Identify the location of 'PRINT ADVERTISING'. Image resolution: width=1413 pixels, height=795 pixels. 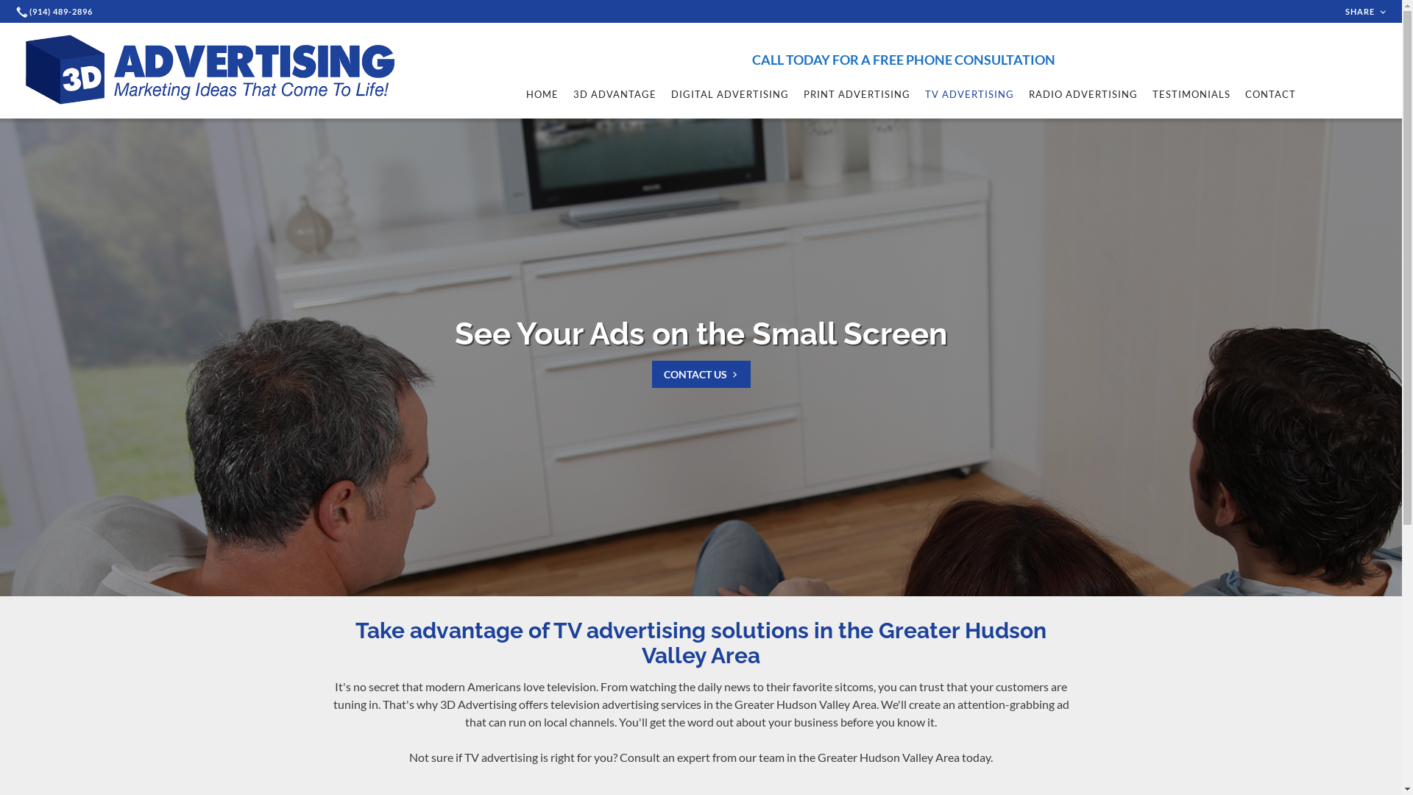
(857, 93).